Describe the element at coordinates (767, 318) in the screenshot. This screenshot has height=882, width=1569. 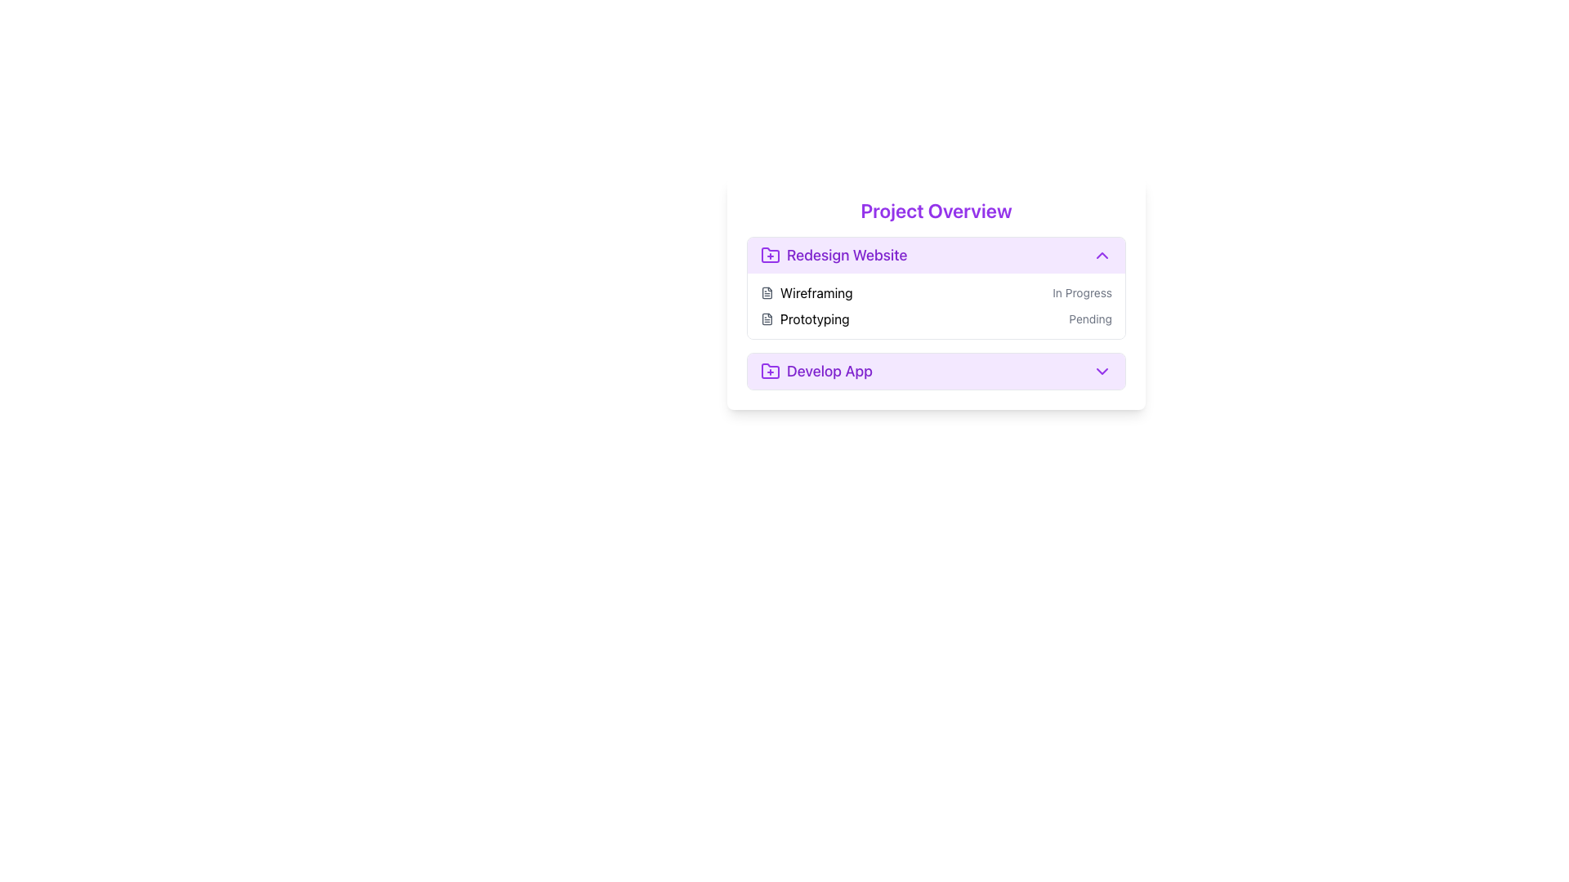
I see `the small, gray document-shaped icon next to the 'Prototyping' text in the second item of the list under 'Redesign Website'` at that location.